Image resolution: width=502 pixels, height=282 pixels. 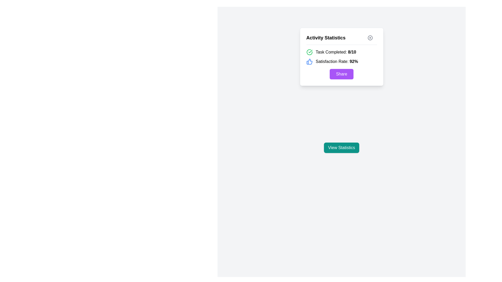 What do you see at coordinates (309, 61) in the screenshot?
I see `the thumbs-up icon with a blue outline located in the upper-right corner of the 'Activity Statistics' panel` at bounding box center [309, 61].